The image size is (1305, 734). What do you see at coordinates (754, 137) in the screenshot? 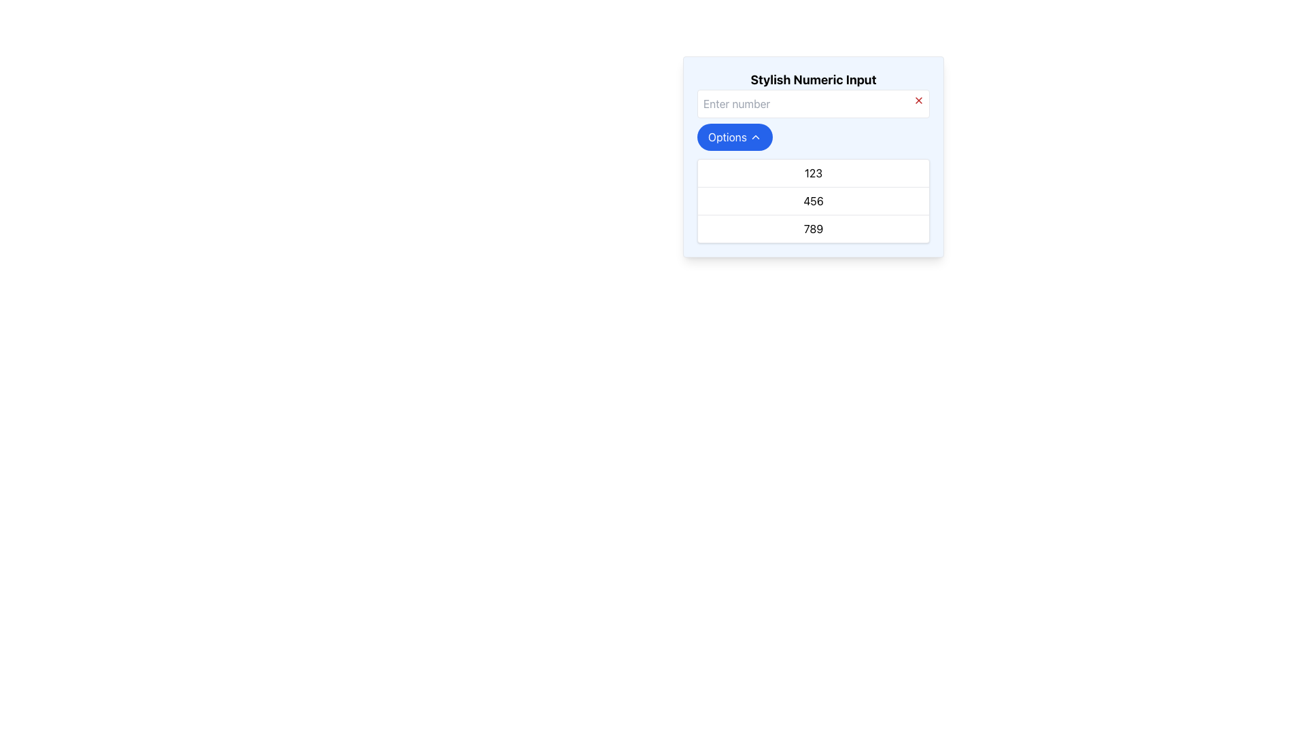
I see `the icon located at the right side of the 'Options' button, which indicates the presence of a collapsible or expandable section` at bounding box center [754, 137].